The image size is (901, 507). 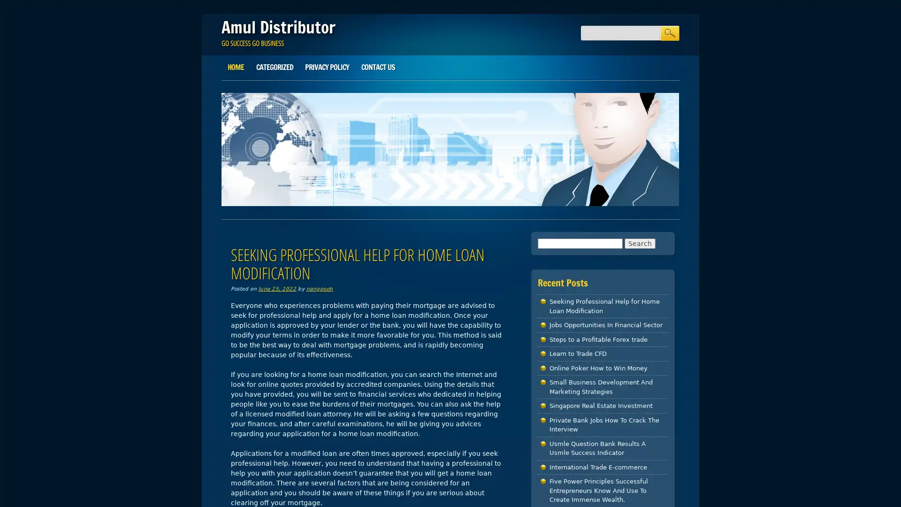 What do you see at coordinates (669, 32) in the screenshot?
I see `Search` at bounding box center [669, 32].